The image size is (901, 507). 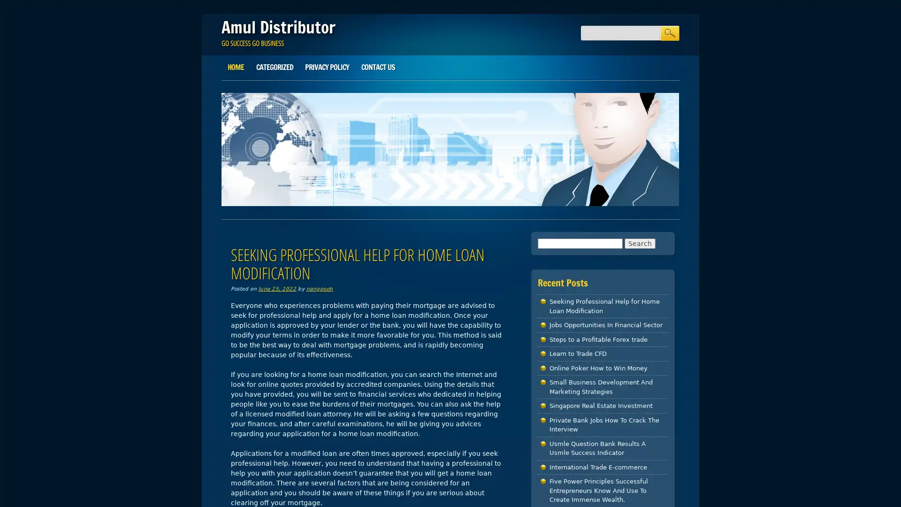 What do you see at coordinates (669, 32) in the screenshot?
I see `Search` at bounding box center [669, 32].